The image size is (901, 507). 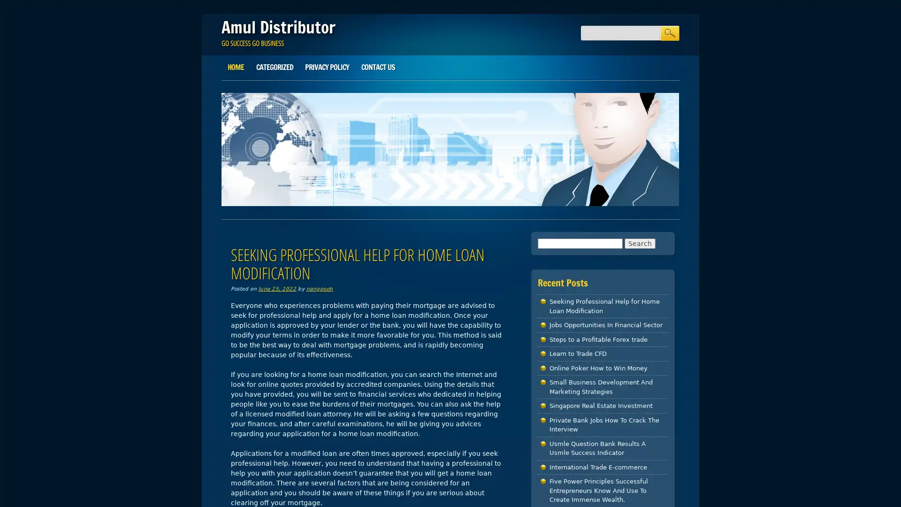 What do you see at coordinates (669, 32) in the screenshot?
I see `Search` at bounding box center [669, 32].